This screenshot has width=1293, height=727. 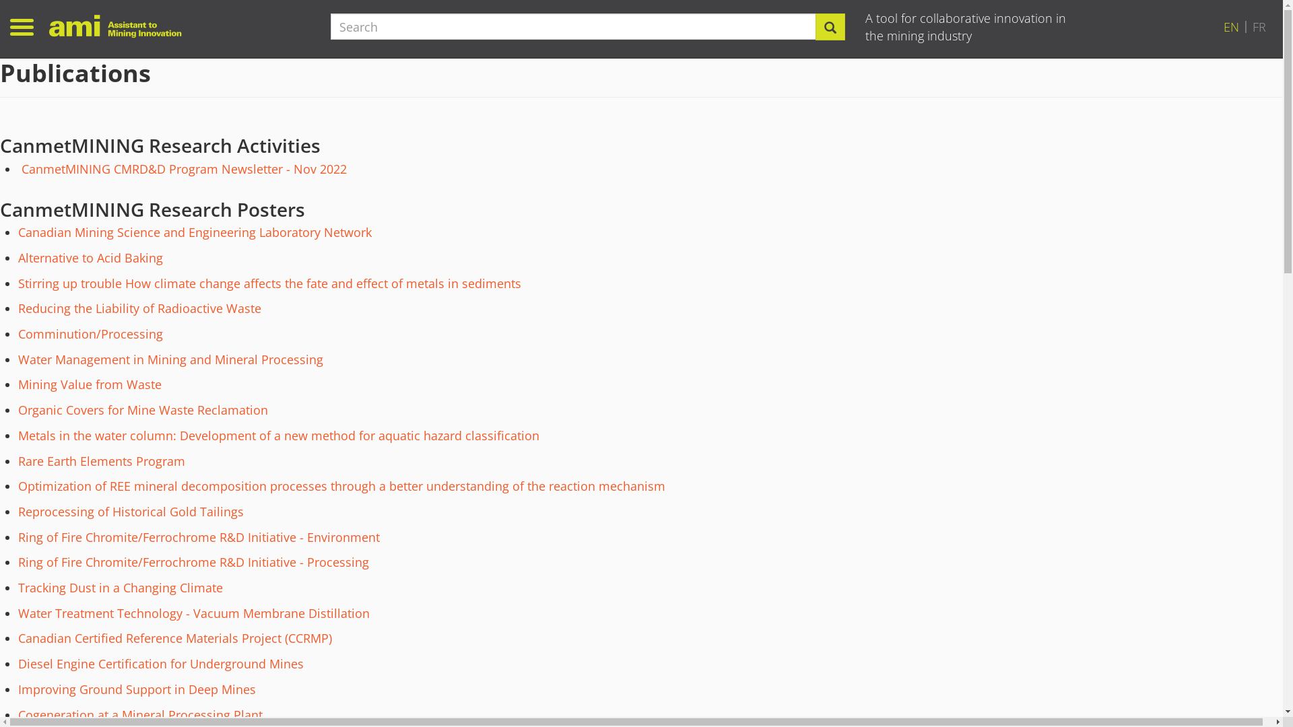 What do you see at coordinates (131, 511) in the screenshot?
I see `'Reprocessing of Historical Gold Tailings'` at bounding box center [131, 511].